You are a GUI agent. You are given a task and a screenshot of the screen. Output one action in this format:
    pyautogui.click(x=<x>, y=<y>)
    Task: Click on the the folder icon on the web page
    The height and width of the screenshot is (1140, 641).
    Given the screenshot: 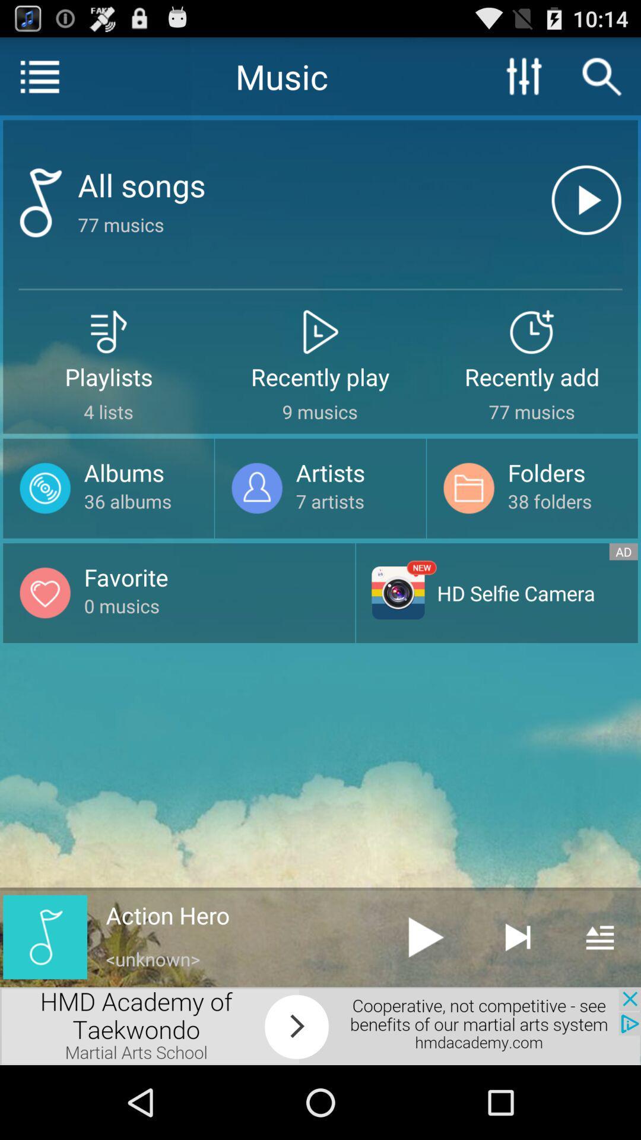 What is the action you would take?
    pyautogui.click(x=468, y=488)
    